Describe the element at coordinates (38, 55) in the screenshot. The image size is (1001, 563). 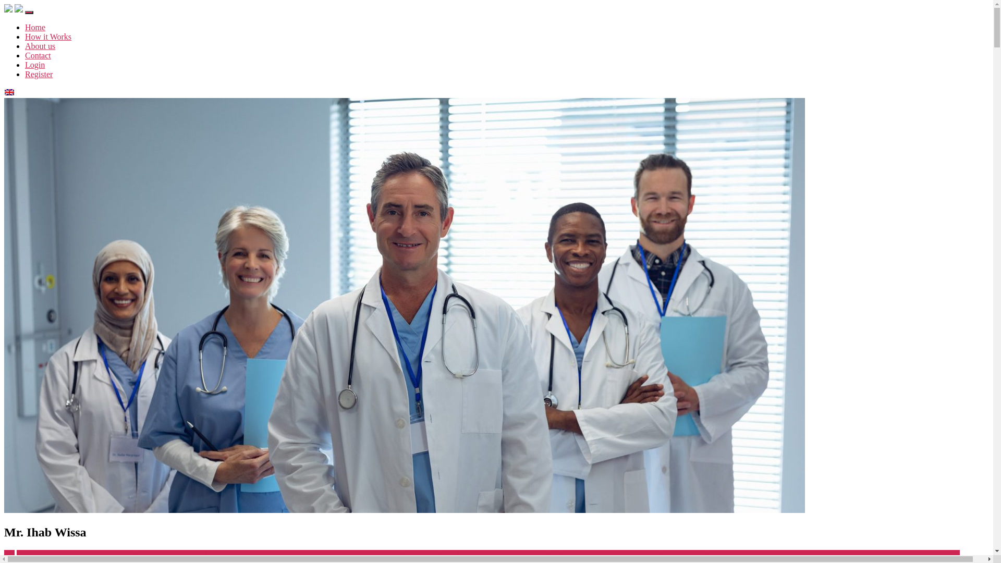
I see `'Contact'` at that location.